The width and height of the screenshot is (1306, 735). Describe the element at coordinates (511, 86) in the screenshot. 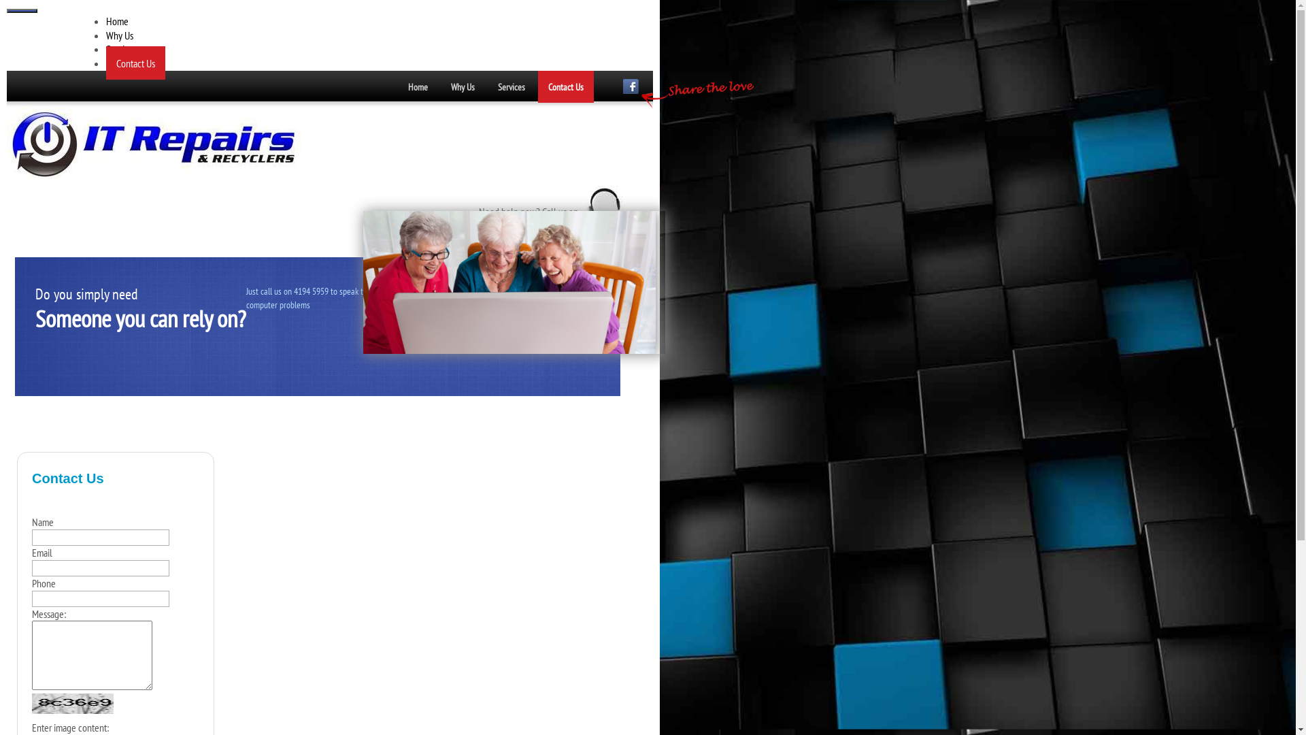

I see `'Services'` at that location.